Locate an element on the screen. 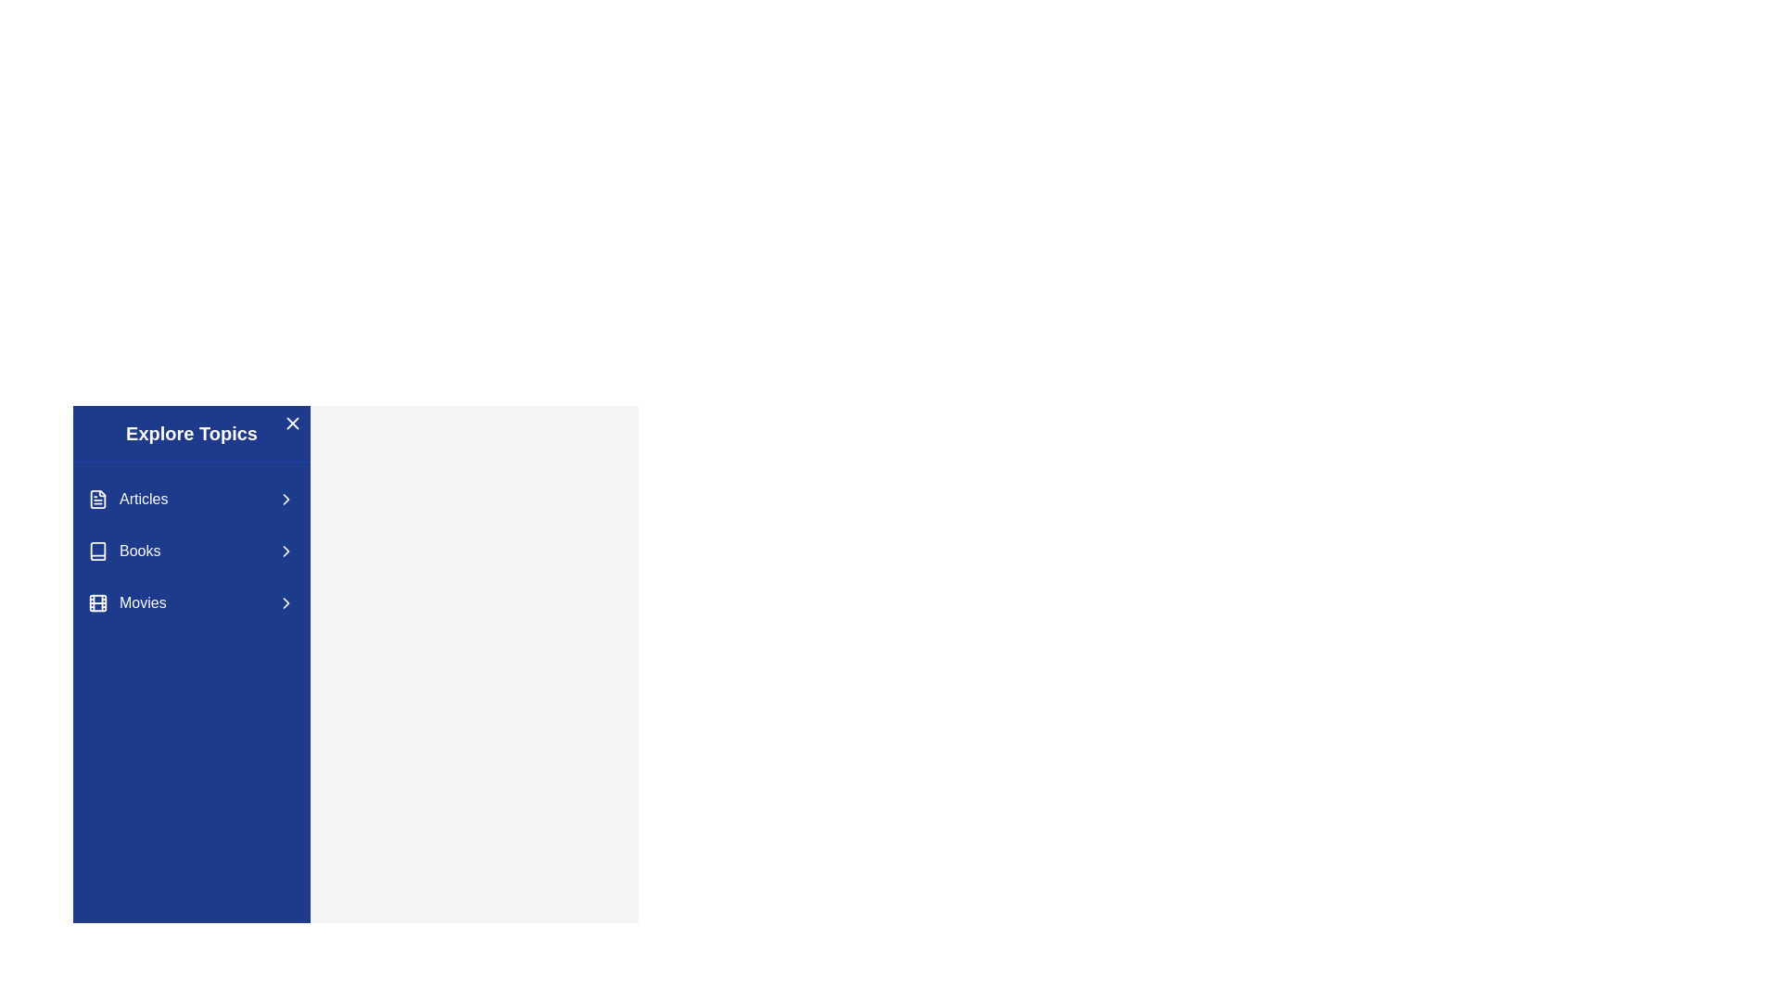  the Decorative SVG rectangle representing the 'Movies' section in the sidebar menu, located below 'Articles' and 'Books' is located at coordinates (96, 603).